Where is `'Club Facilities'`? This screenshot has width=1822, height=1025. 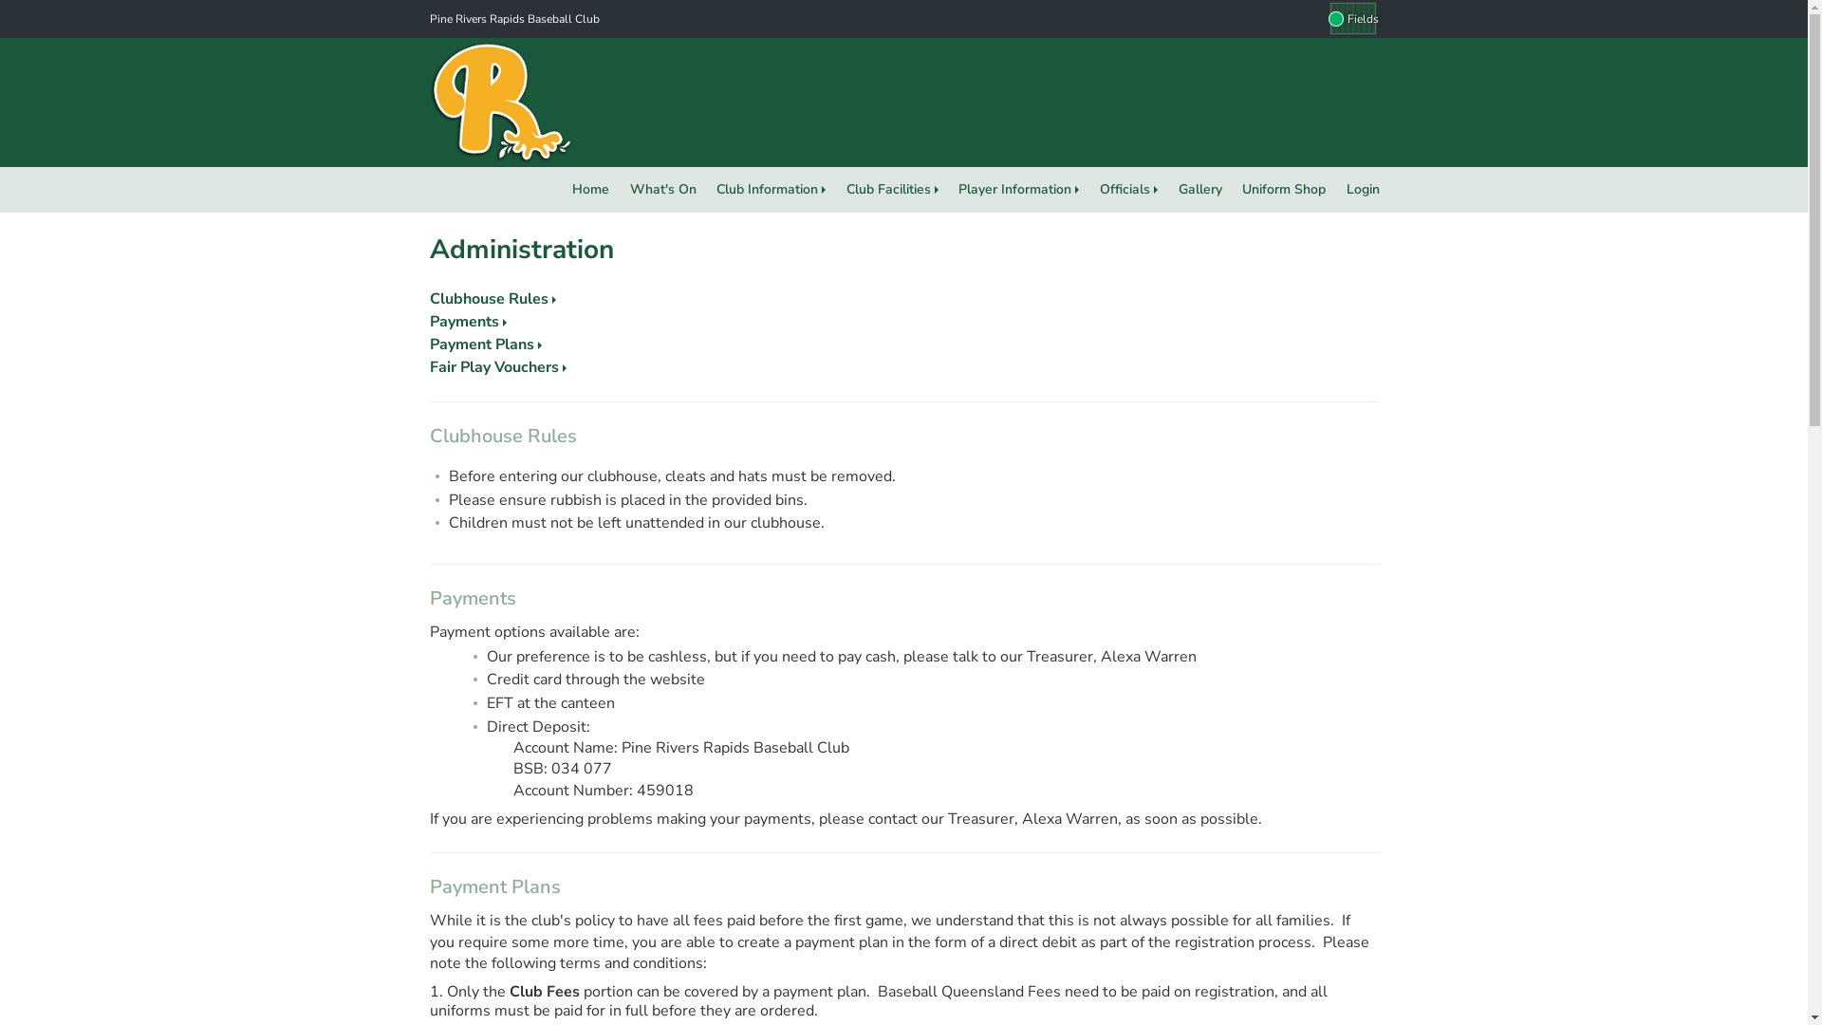 'Club Facilities' is located at coordinates (891, 190).